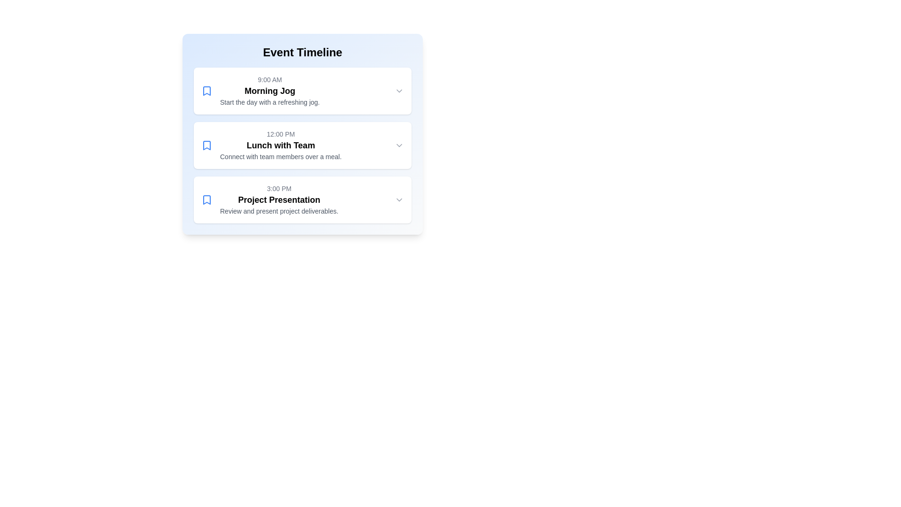 Image resolution: width=901 pixels, height=507 pixels. Describe the element at coordinates (279, 199) in the screenshot. I see `the title text for the event named 'Project Presentation' which is located below '3:00 PM' and above 'Review and present project deliverables.'` at that location.